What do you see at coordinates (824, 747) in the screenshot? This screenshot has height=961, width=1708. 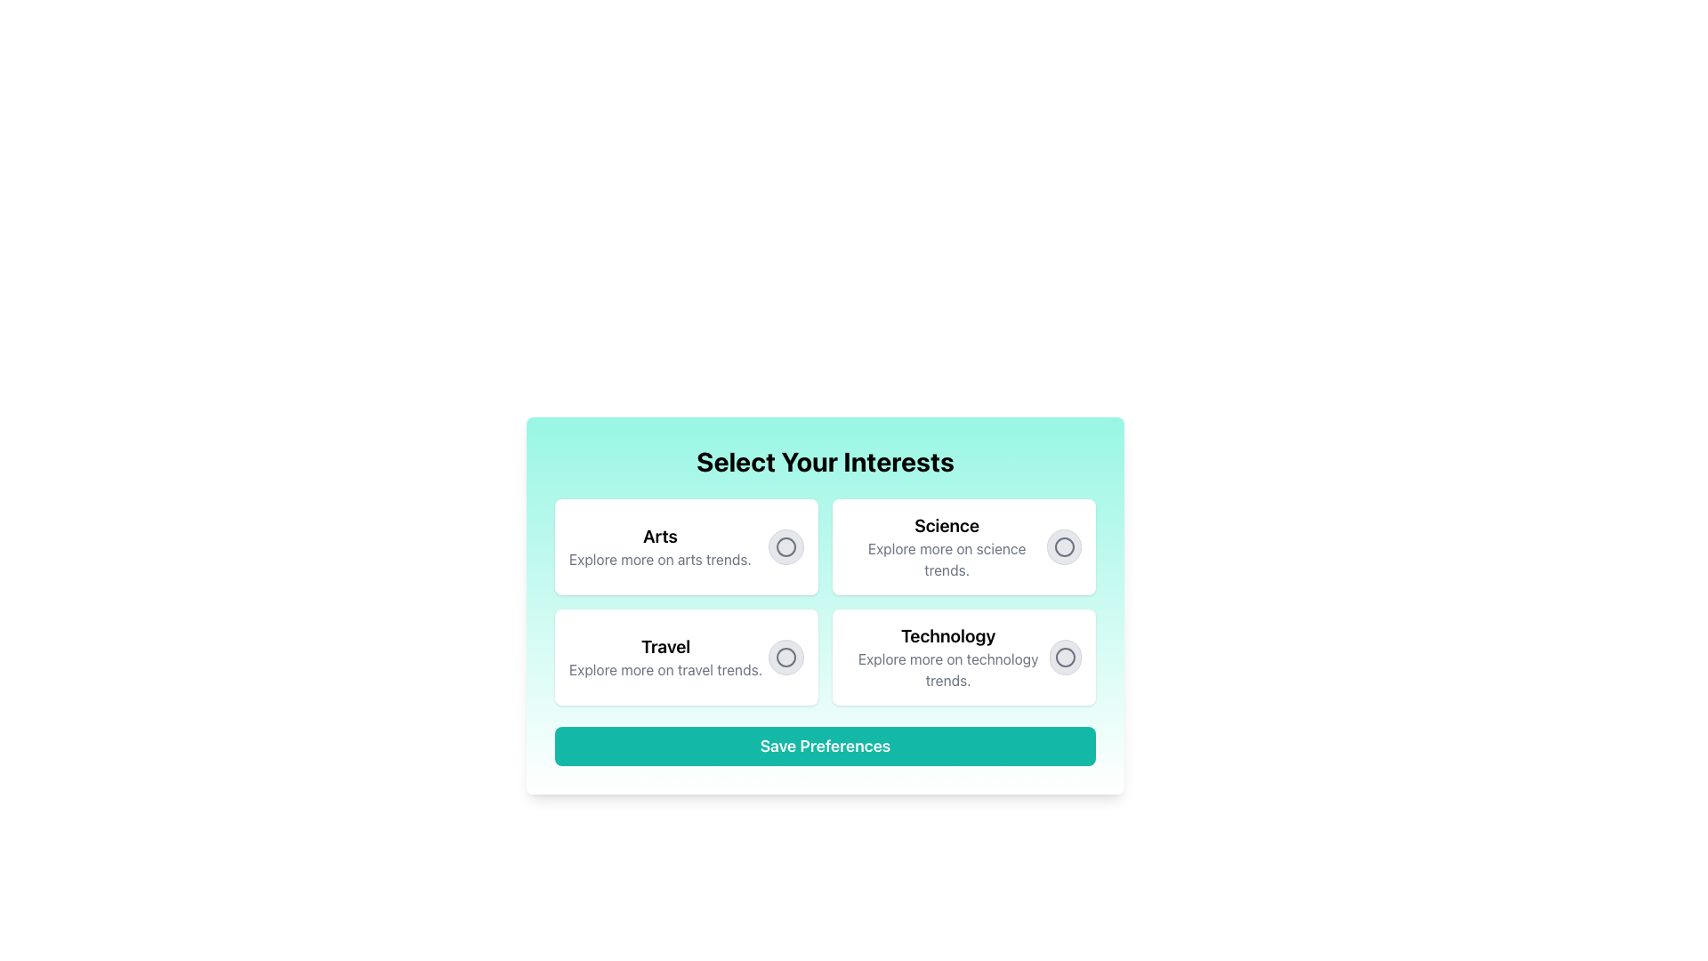 I see `the turquoise 'Save Preferences' button with white bold text` at bounding box center [824, 747].